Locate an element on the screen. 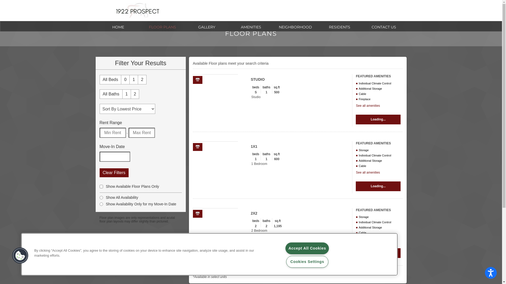 This screenshot has width=506, height=284. '1922 Prospect Apartments' is located at coordinates (137, 10).